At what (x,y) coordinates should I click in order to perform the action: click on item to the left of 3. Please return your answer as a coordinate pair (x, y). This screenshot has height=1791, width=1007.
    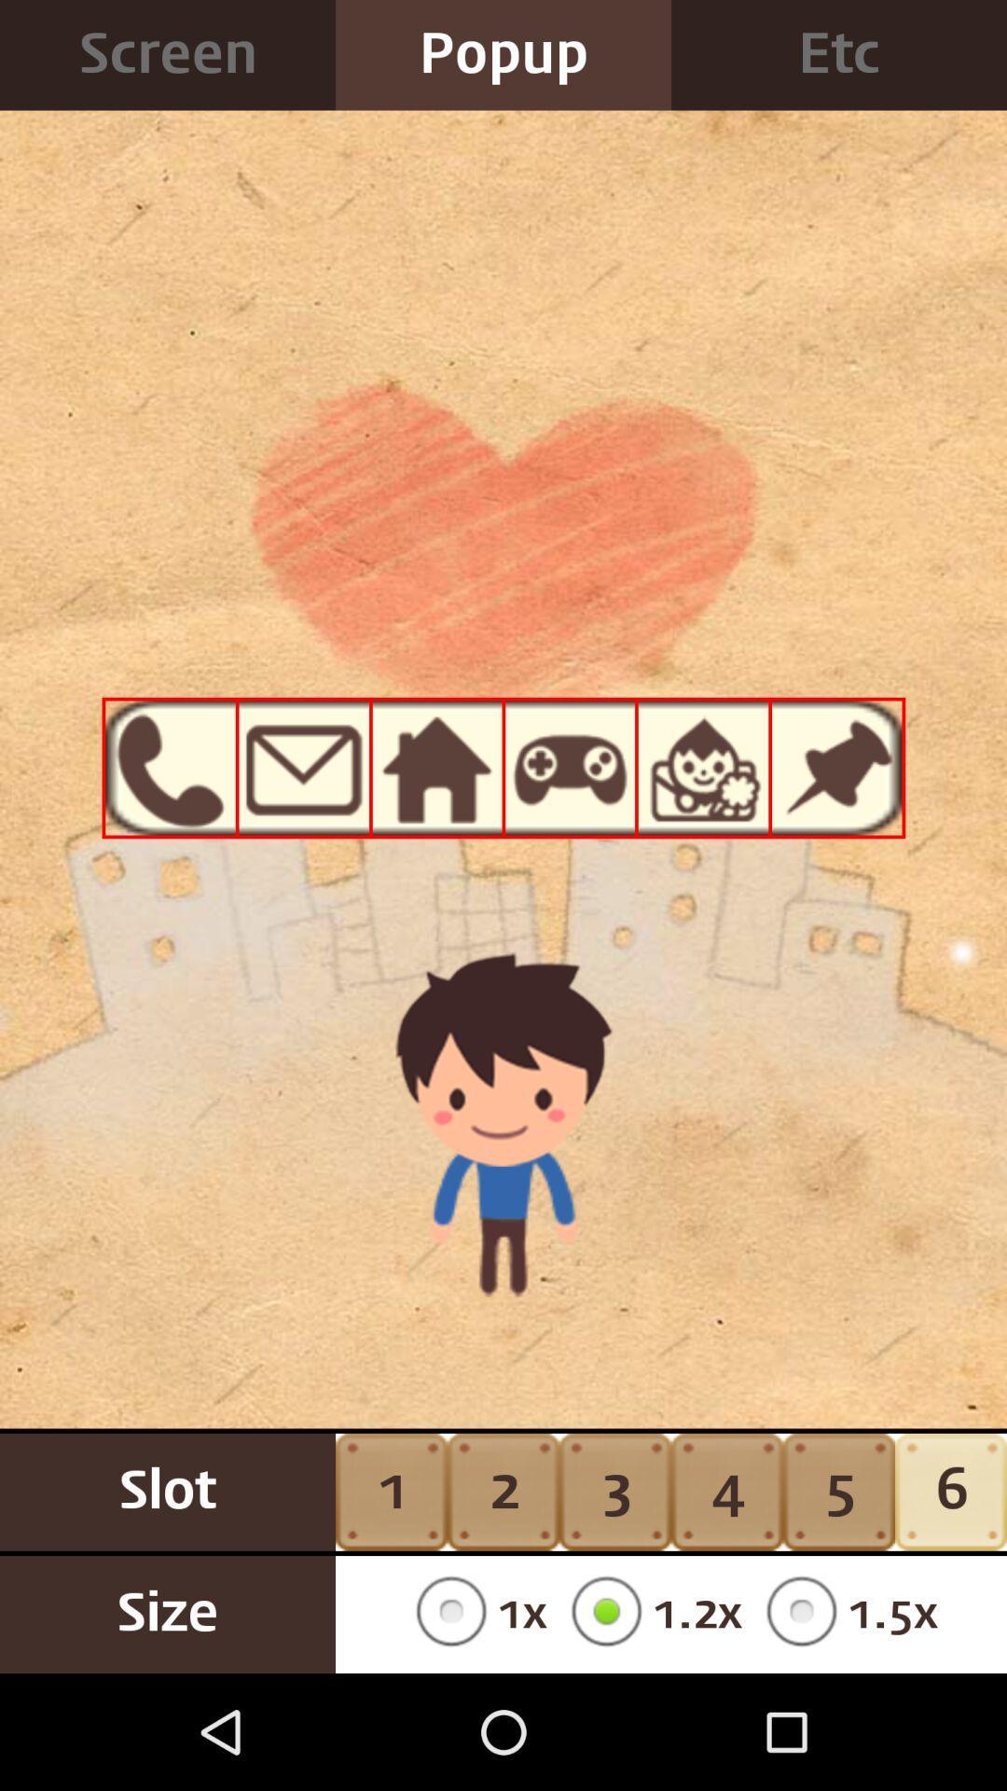
    Looking at the image, I should click on (474, 1614).